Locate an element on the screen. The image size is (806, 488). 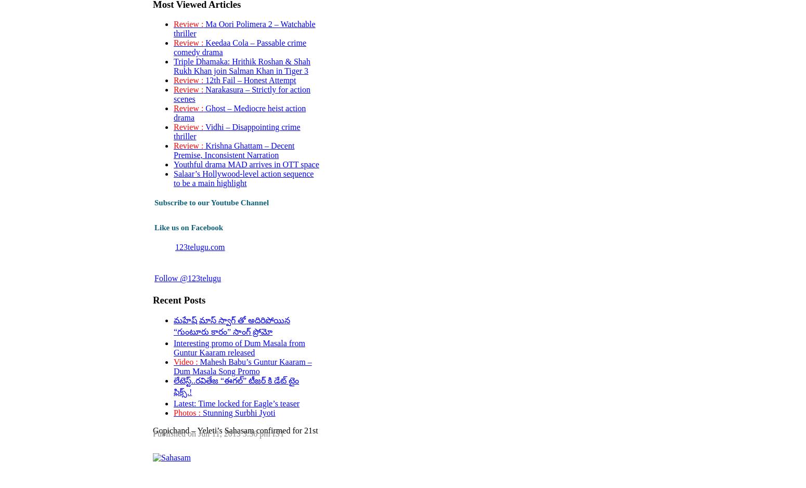
'12th Fail – Honest Attempt' is located at coordinates (249, 80).